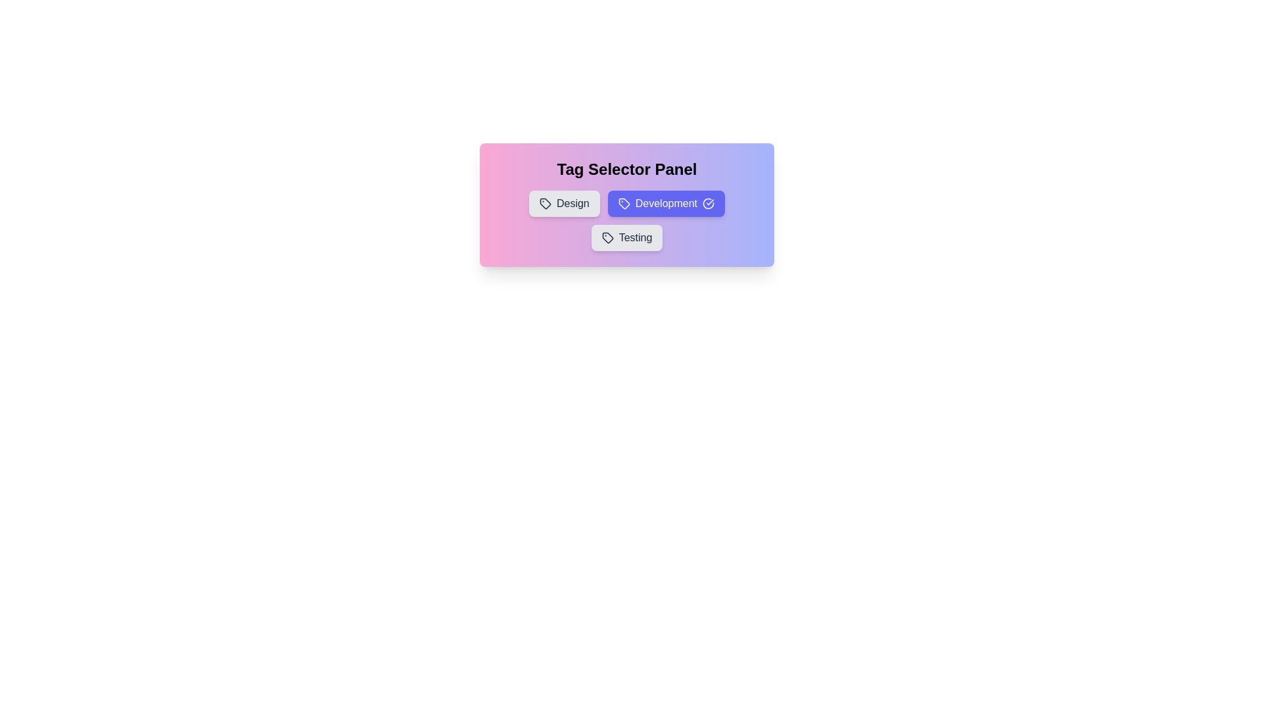 This screenshot has width=1262, height=710. Describe the element at coordinates (666, 203) in the screenshot. I see `the tag labeled Development` at that location.